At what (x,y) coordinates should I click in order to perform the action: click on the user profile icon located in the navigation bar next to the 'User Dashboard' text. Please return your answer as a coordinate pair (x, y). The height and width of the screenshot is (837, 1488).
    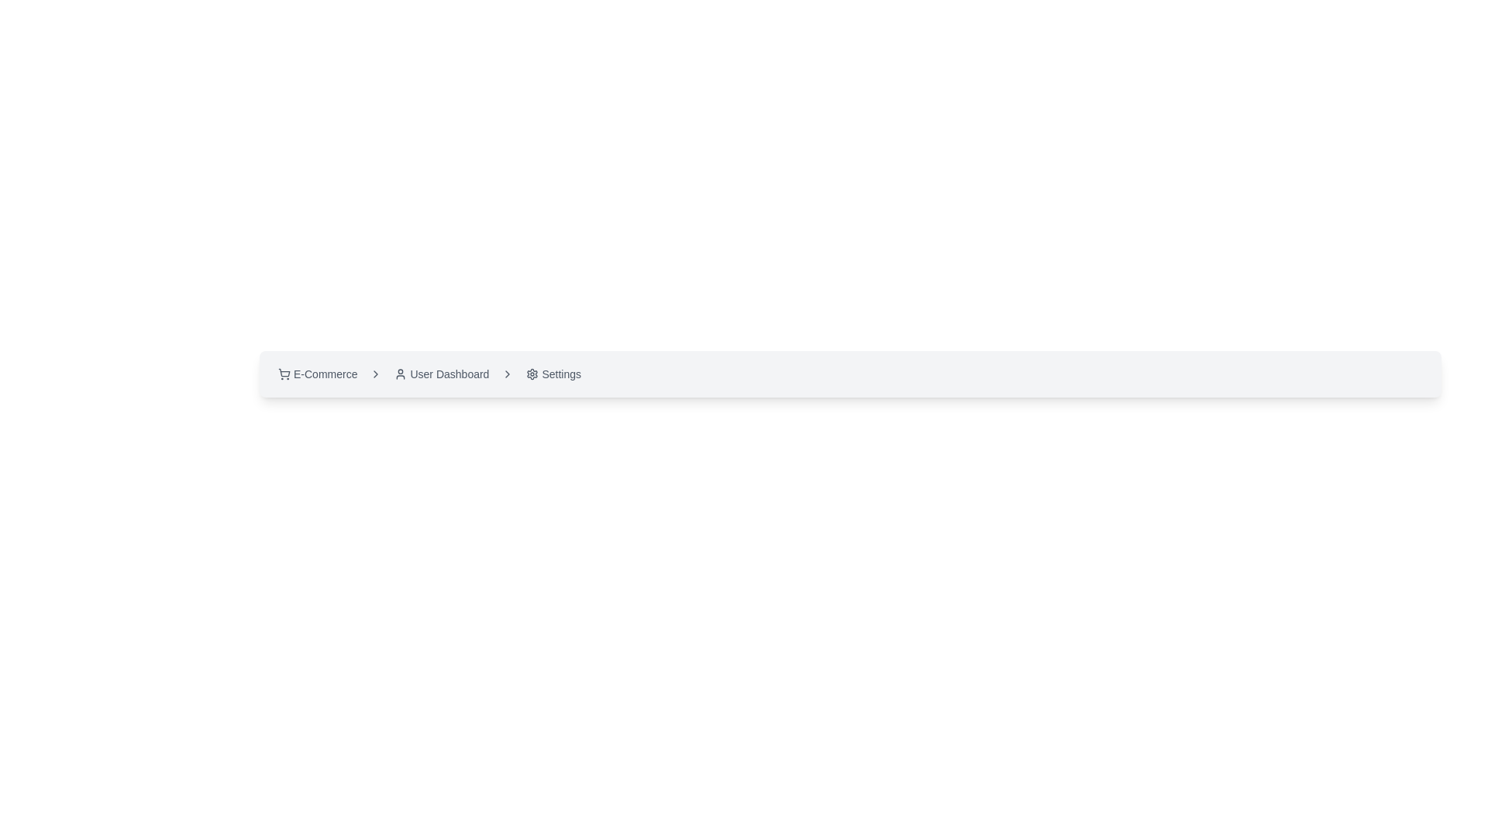
    Looking at the image, I should click on (401, 374).